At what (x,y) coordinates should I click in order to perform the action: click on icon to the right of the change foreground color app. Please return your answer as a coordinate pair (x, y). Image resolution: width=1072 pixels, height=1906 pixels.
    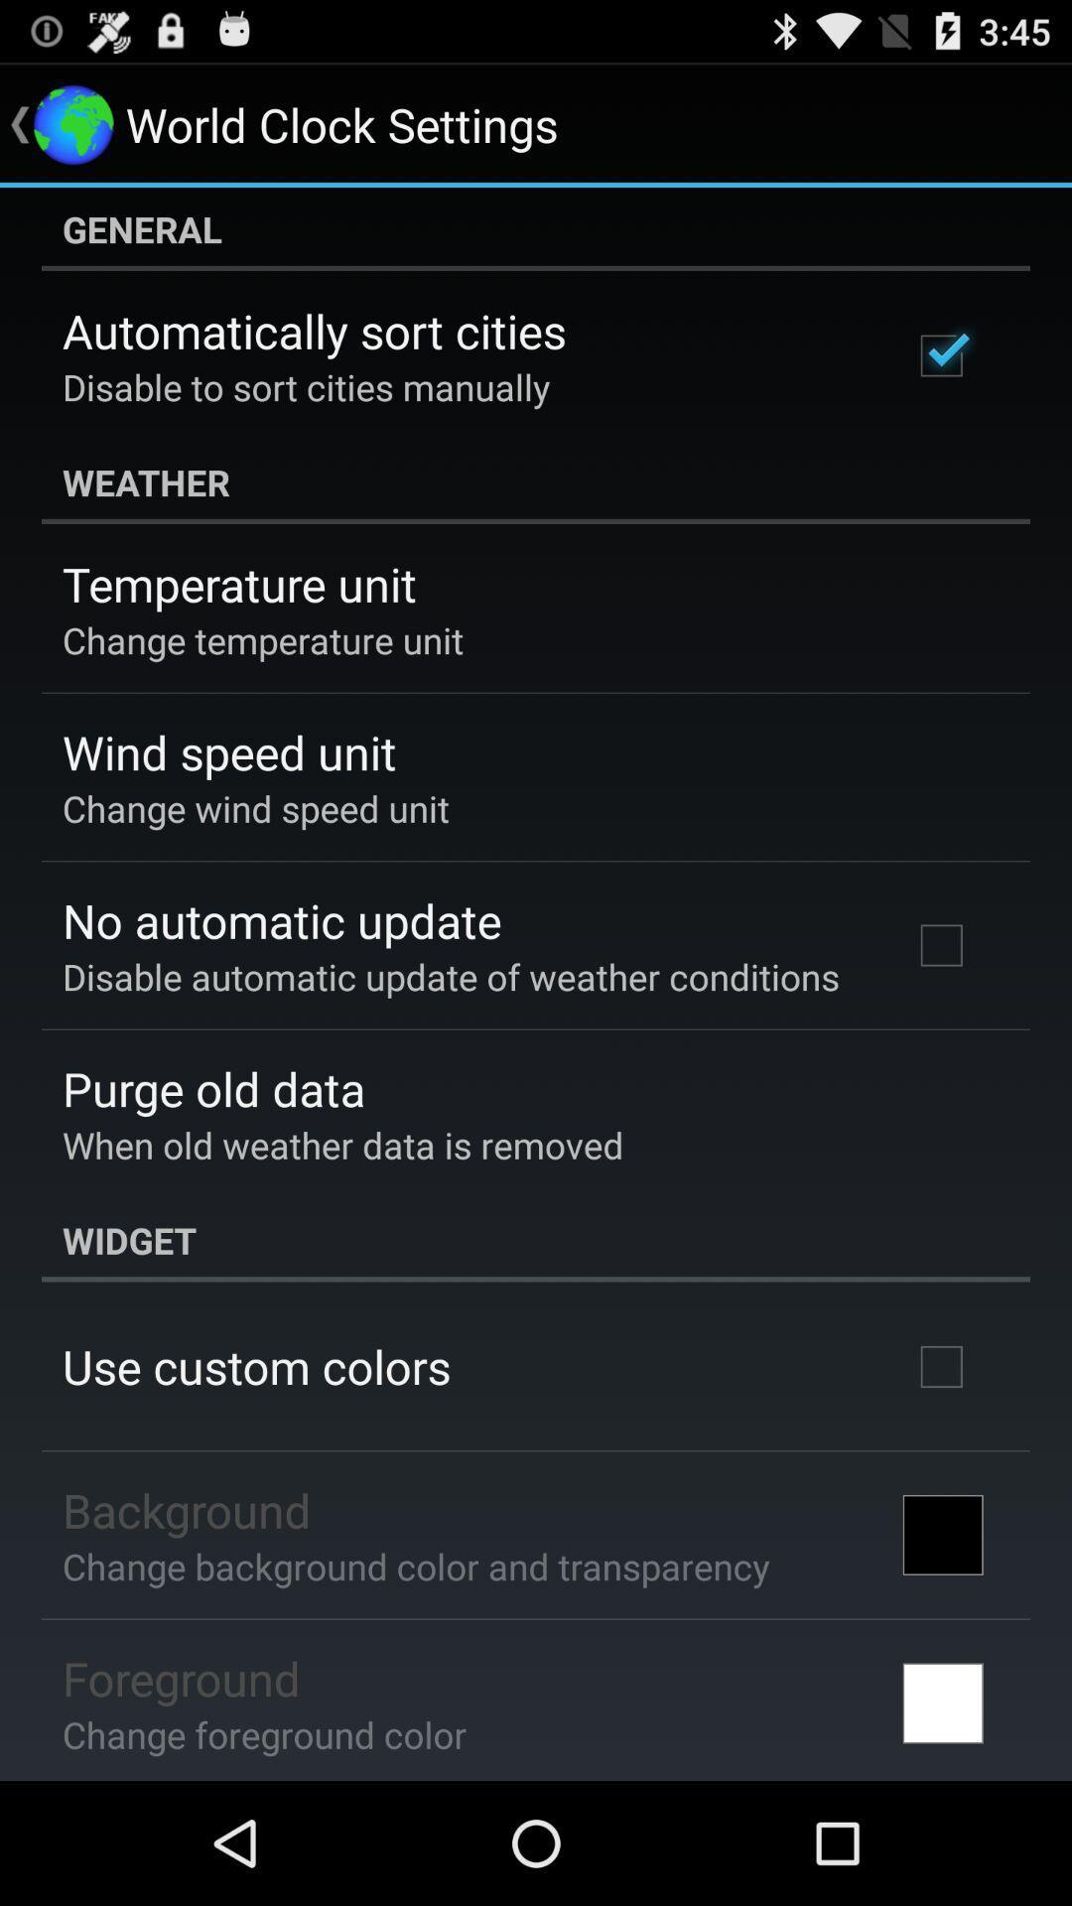
    Looking at the image, I should click on (942, 1702).